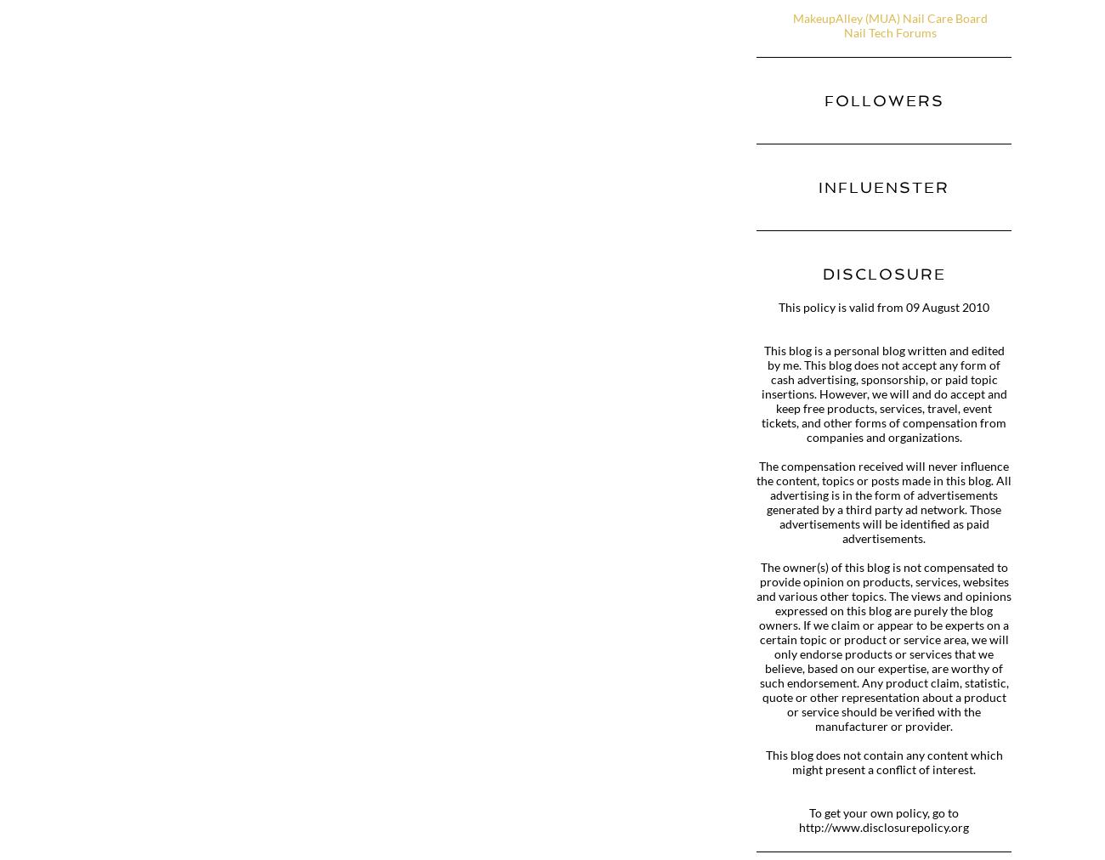 This screenshot has height=860, width=1105. Describe the element at coordinates (884, 306) in the screenshot. I see `'This policy is valid from 09 August 2010'` at that location.